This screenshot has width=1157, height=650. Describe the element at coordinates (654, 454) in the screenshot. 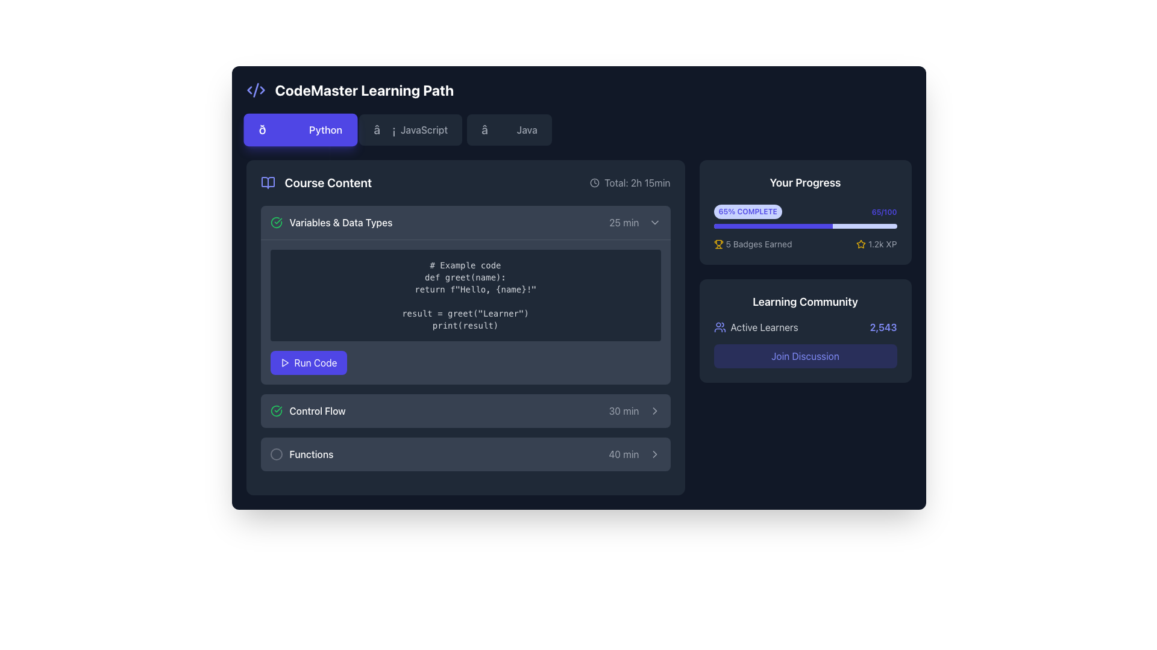

I see `the right-pointing chevron icon with a gray outline, positioned to the right of the text '40 min'` at that location.